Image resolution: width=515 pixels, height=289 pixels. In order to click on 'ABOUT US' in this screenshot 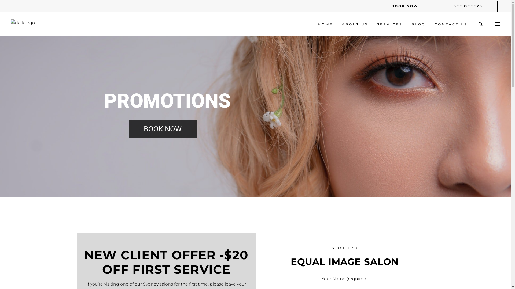, I will do `click(355, 24)`.